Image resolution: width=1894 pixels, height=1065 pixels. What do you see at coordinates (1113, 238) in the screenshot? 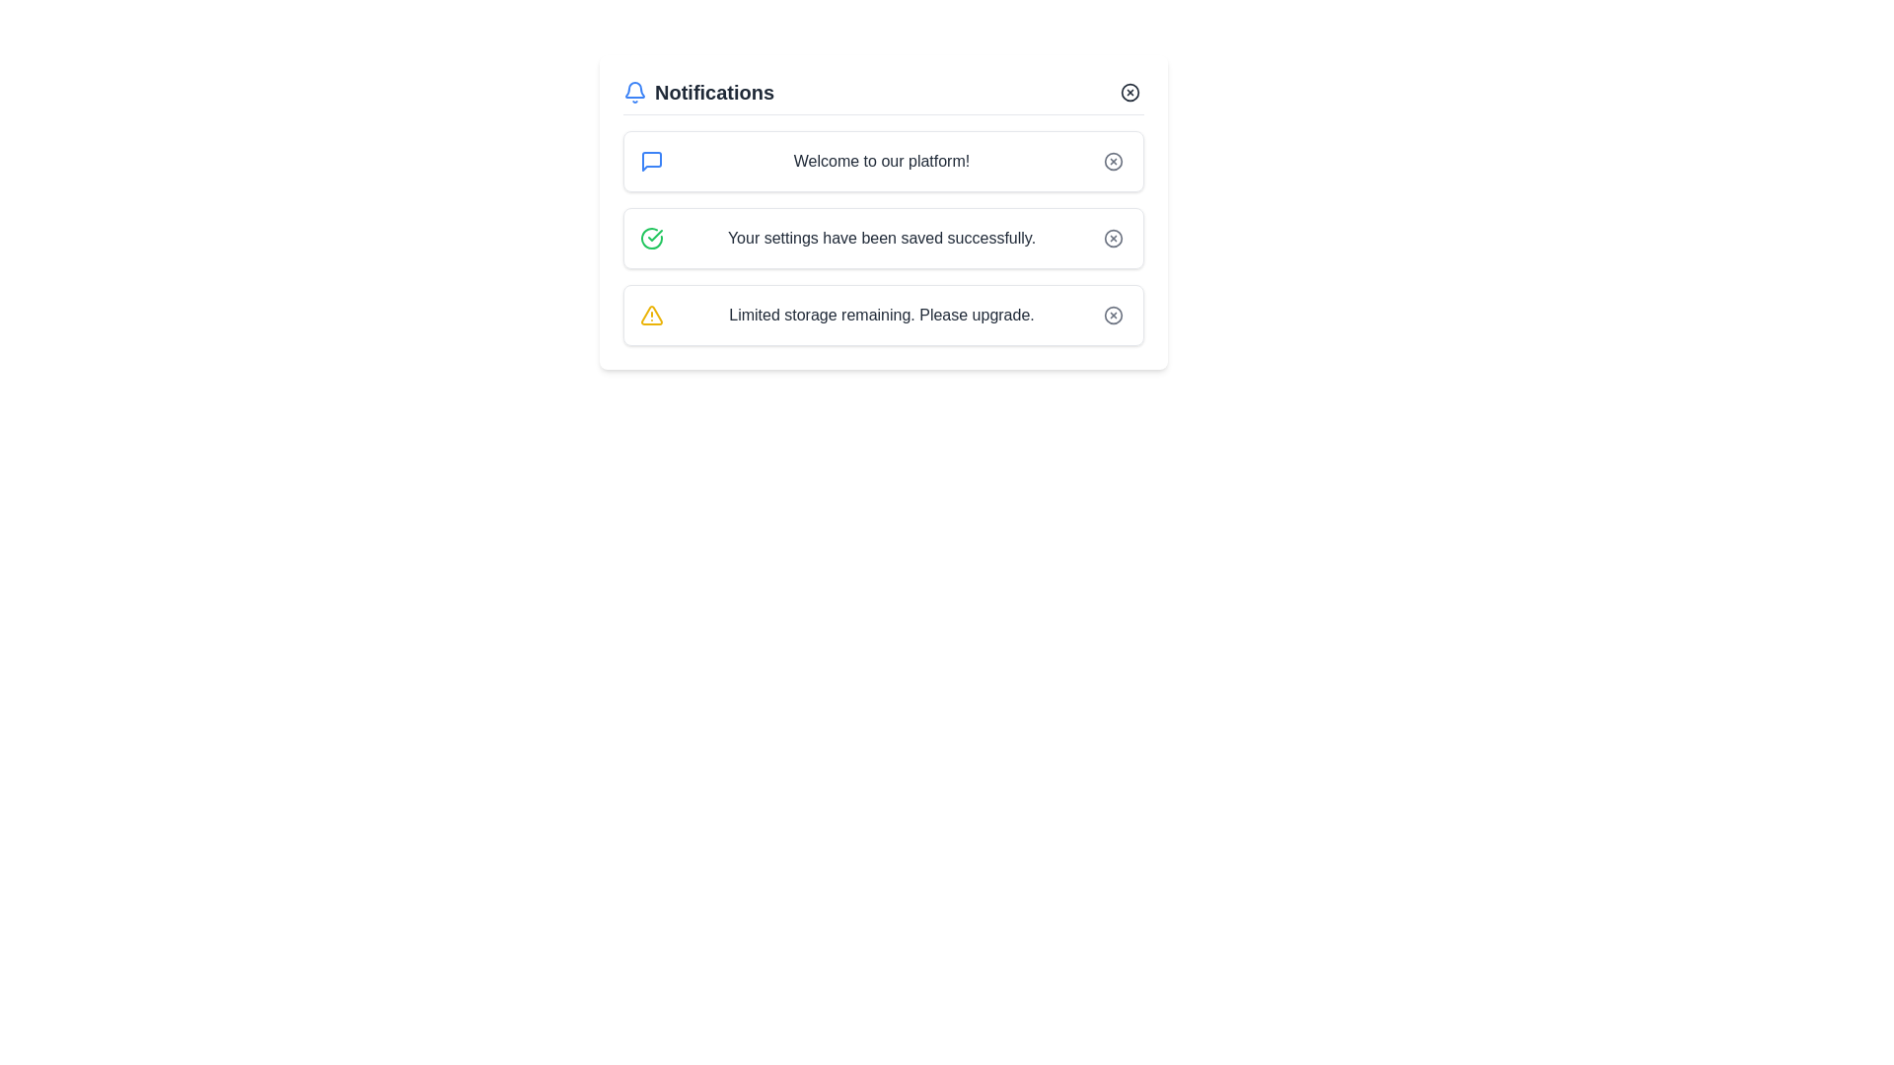
I see `the circular icon with a border located` at bounding box center [1113, 238].